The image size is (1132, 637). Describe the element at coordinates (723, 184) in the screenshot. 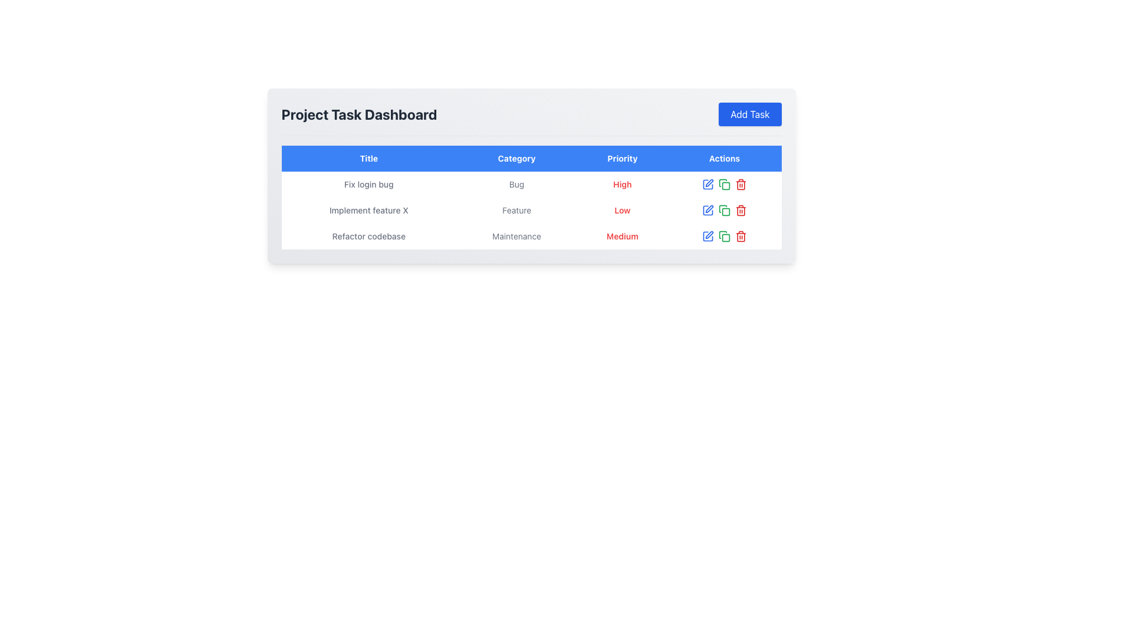

I see `the green duplicate action indicator icon located as the second icon in the action icons set for the task 'Fix login bug'` at that location.